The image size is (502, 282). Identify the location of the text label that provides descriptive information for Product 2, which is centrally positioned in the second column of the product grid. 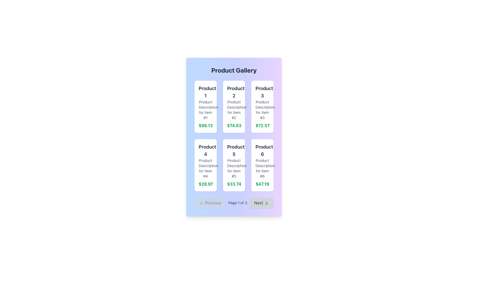
(233, 109).